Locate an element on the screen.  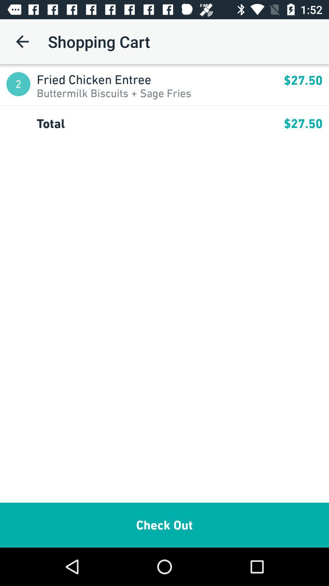
the icon to the left of shopping cart icon is located at coordinates (22, 41).